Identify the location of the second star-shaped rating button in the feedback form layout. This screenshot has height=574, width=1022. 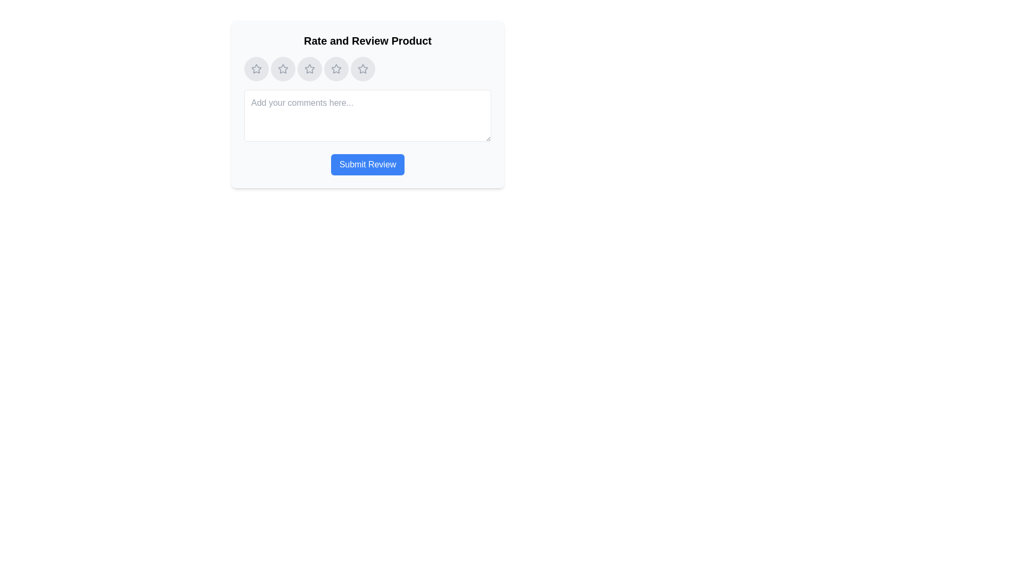
(283, 69).